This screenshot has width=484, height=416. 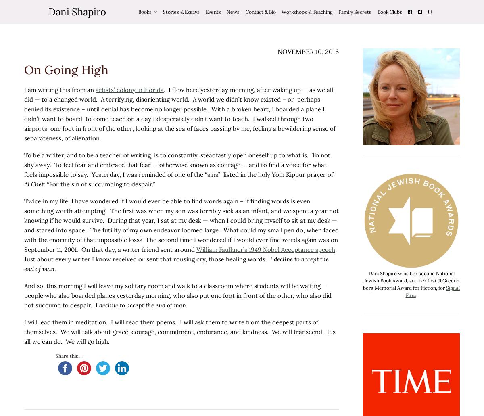 What do you see at coordinates (129, 90) in the screenshot?
I see `'artists’ colony in Florida'` at bounding box center [129, 90].